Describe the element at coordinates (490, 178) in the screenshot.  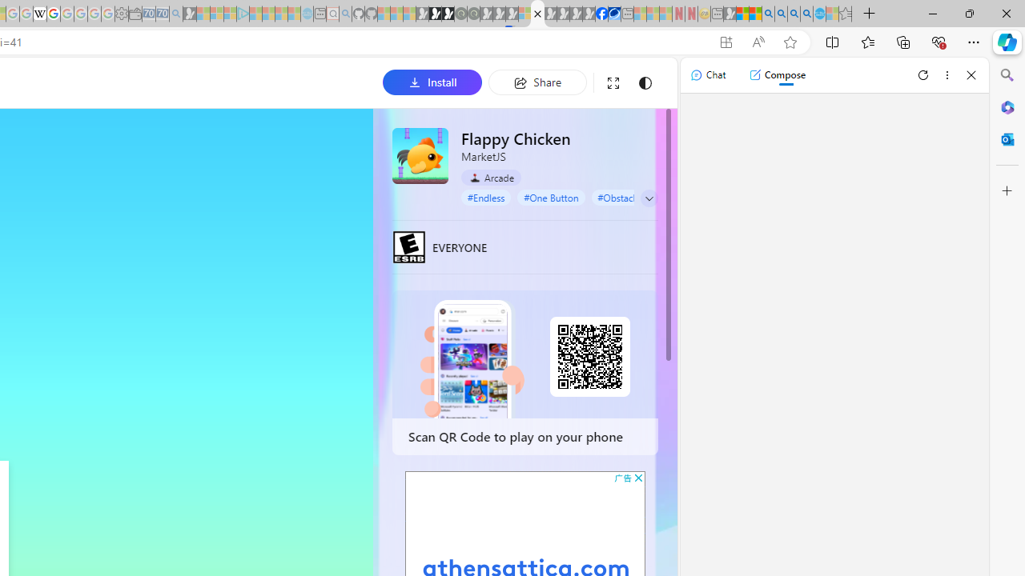
I see `'Arcade'` at that location.